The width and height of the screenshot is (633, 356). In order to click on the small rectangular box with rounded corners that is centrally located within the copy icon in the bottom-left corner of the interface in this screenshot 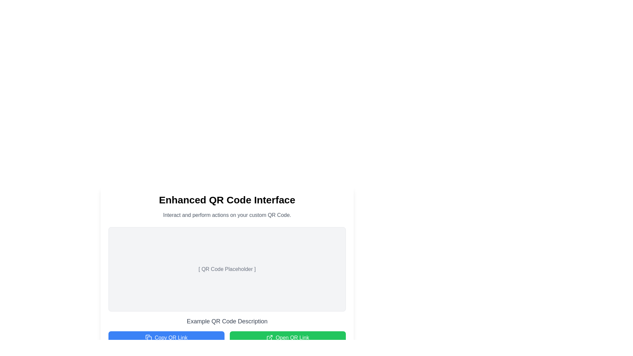, I will do `click(149, 339)`.